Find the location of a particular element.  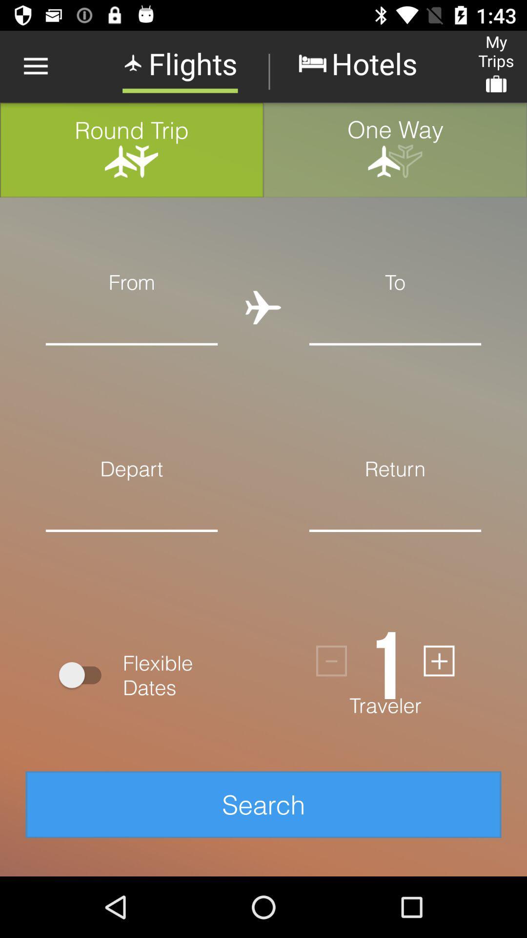

icon next to the 1 item is located at coordinates (331, 661).